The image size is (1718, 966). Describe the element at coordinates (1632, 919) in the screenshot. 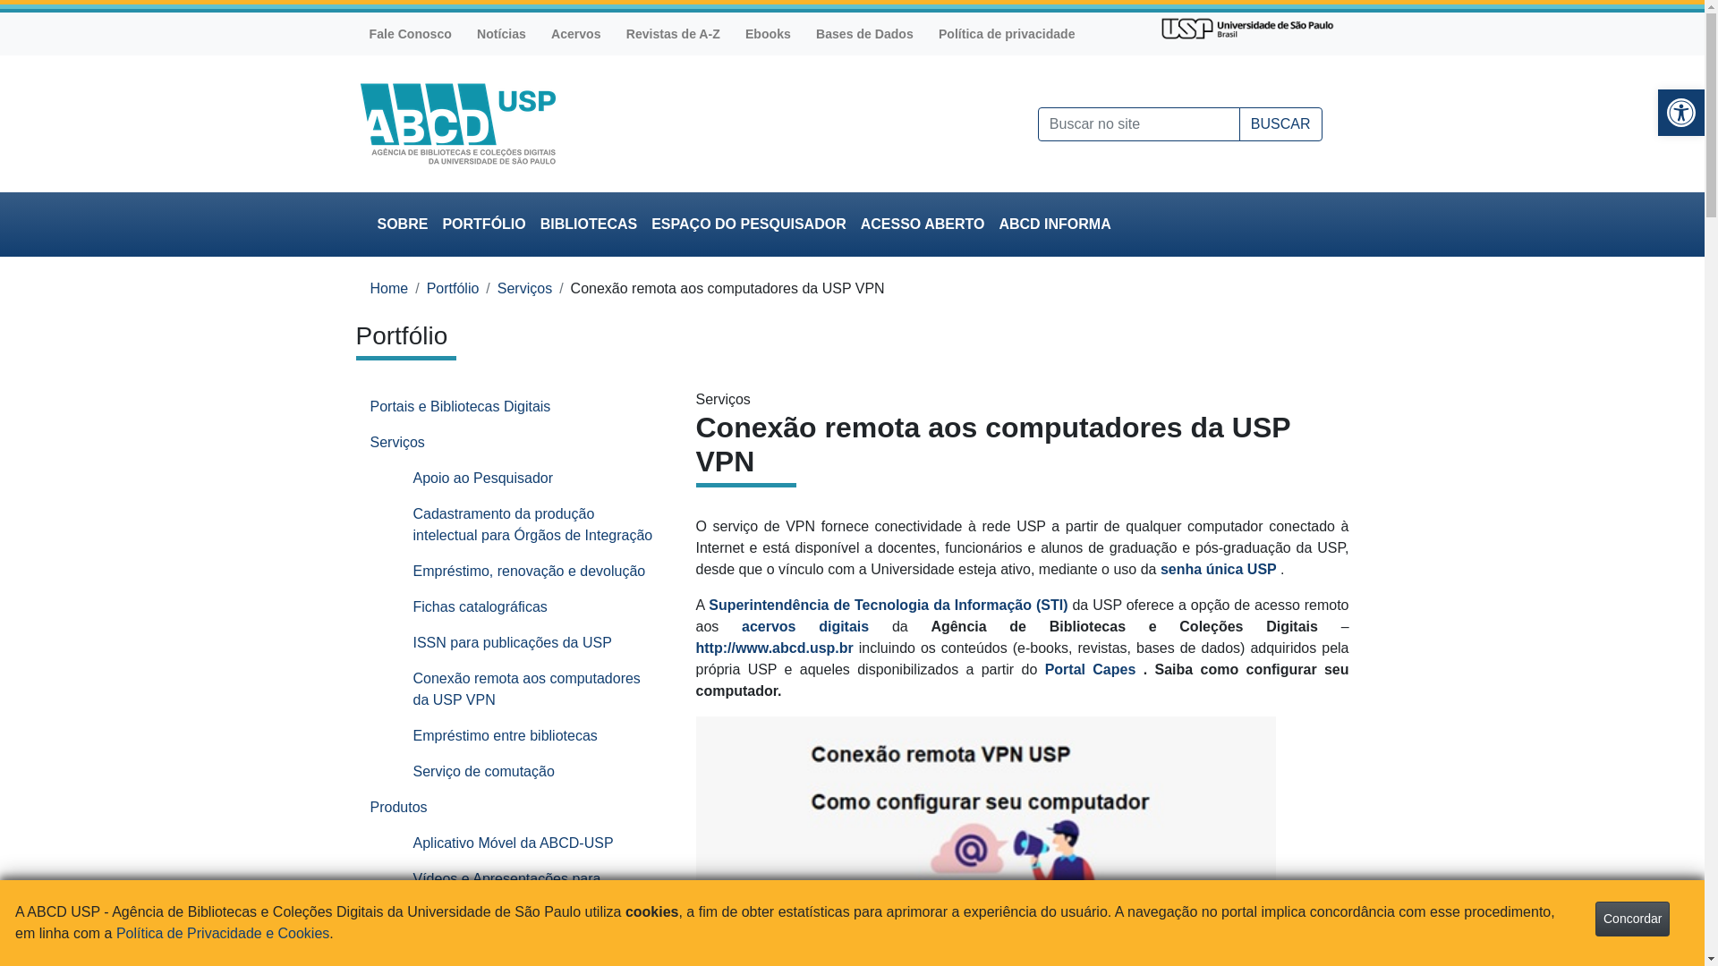

I see `'Concordar'` at that location.